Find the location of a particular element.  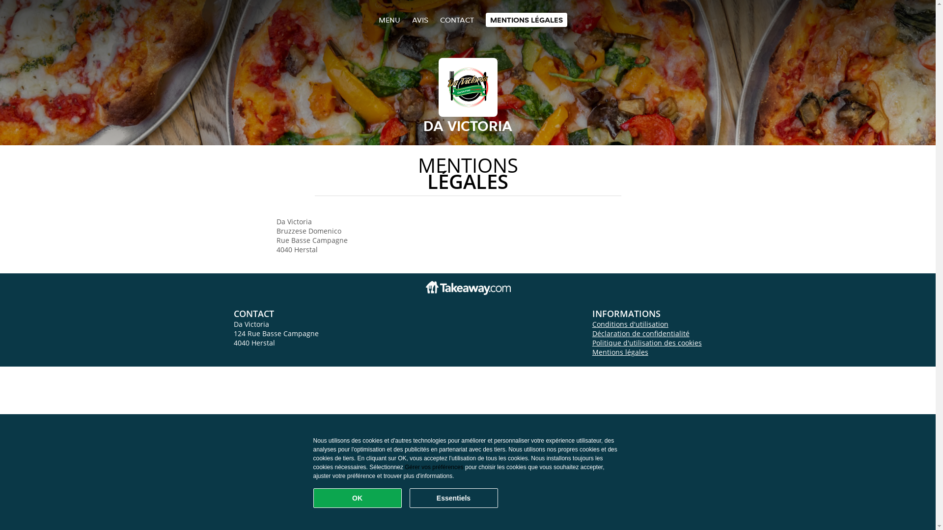

'CONTACT' is located at coordinates (456, 20).